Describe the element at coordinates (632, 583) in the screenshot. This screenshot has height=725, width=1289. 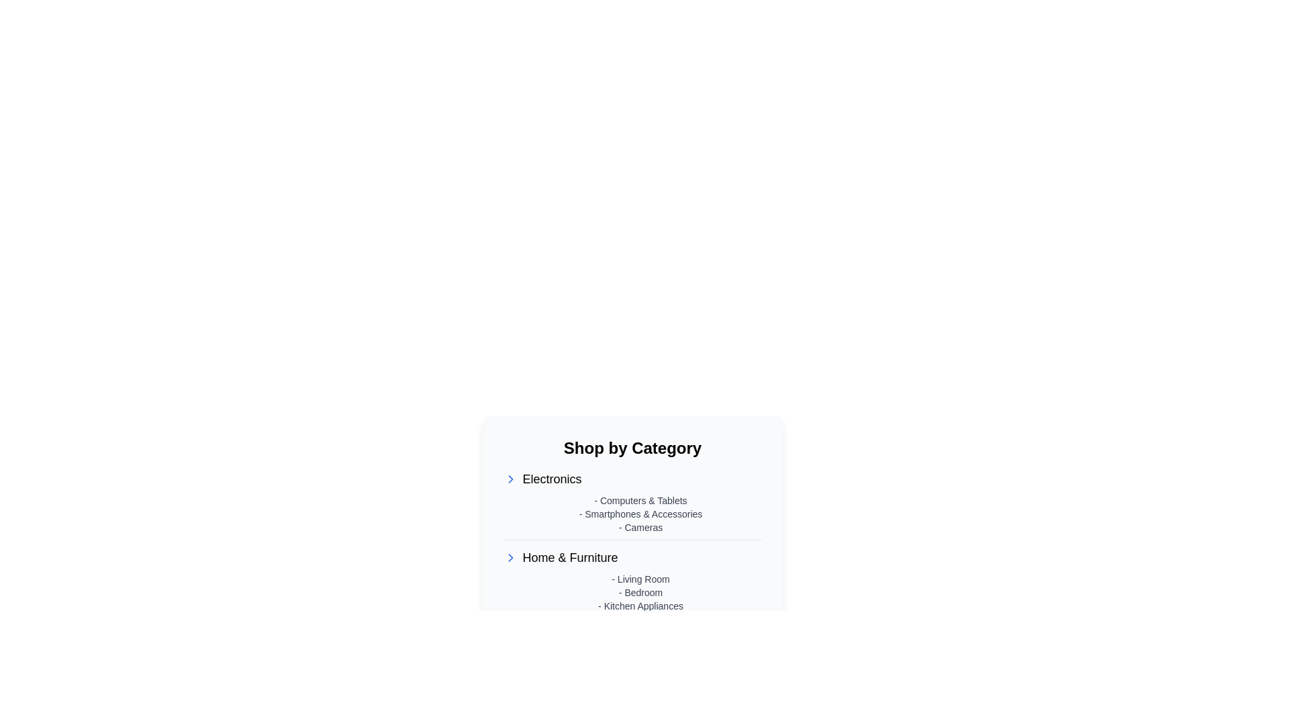
I see `the linked subcategories within the 'Structured Text Content' section under 'Shop by Category', which features bold category headers and indented sub-items` at that location.